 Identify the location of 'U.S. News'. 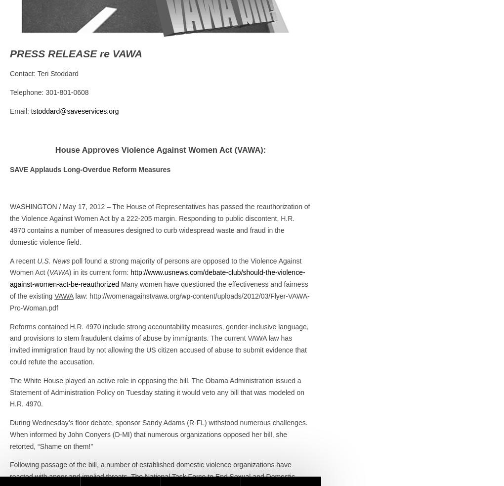
(53, 260).